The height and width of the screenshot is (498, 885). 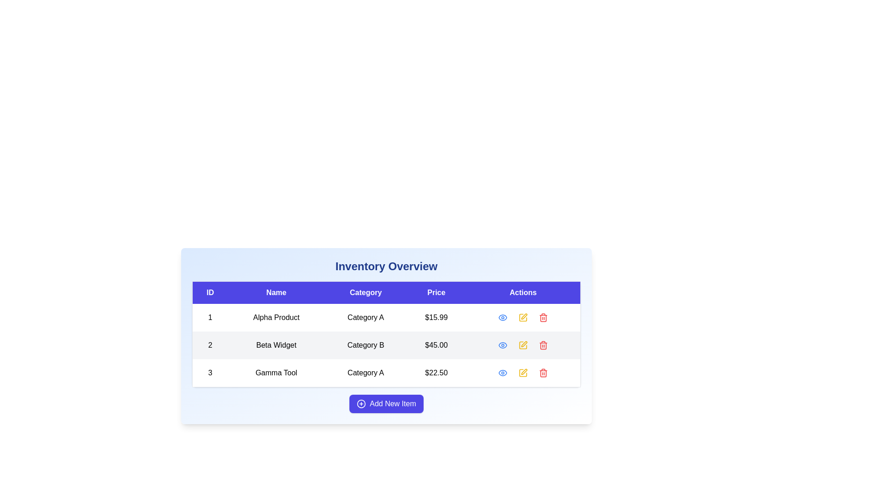 I want to click on the 'Add New Item' button with a dark indigo background and white rounded text, located in the 'Inventory Overview' panel, to initiate the add item process, so click(x=386, y=403).